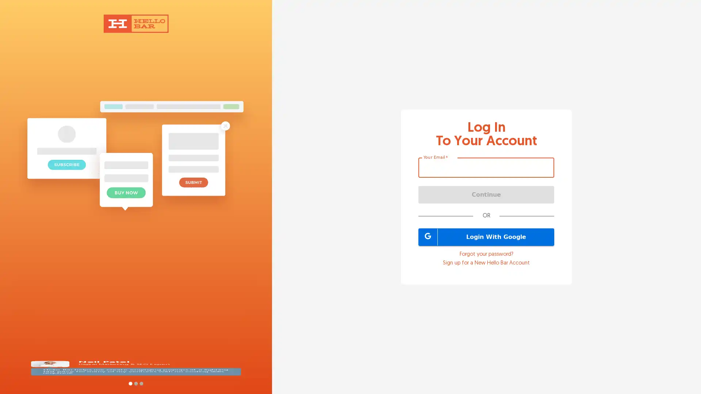 The width and height of the screenshot is (701, 394). What do you see at coordinates (130, 383) in the screenshot?
I see `carousel indicator 1` at bounding box center [130, 383].